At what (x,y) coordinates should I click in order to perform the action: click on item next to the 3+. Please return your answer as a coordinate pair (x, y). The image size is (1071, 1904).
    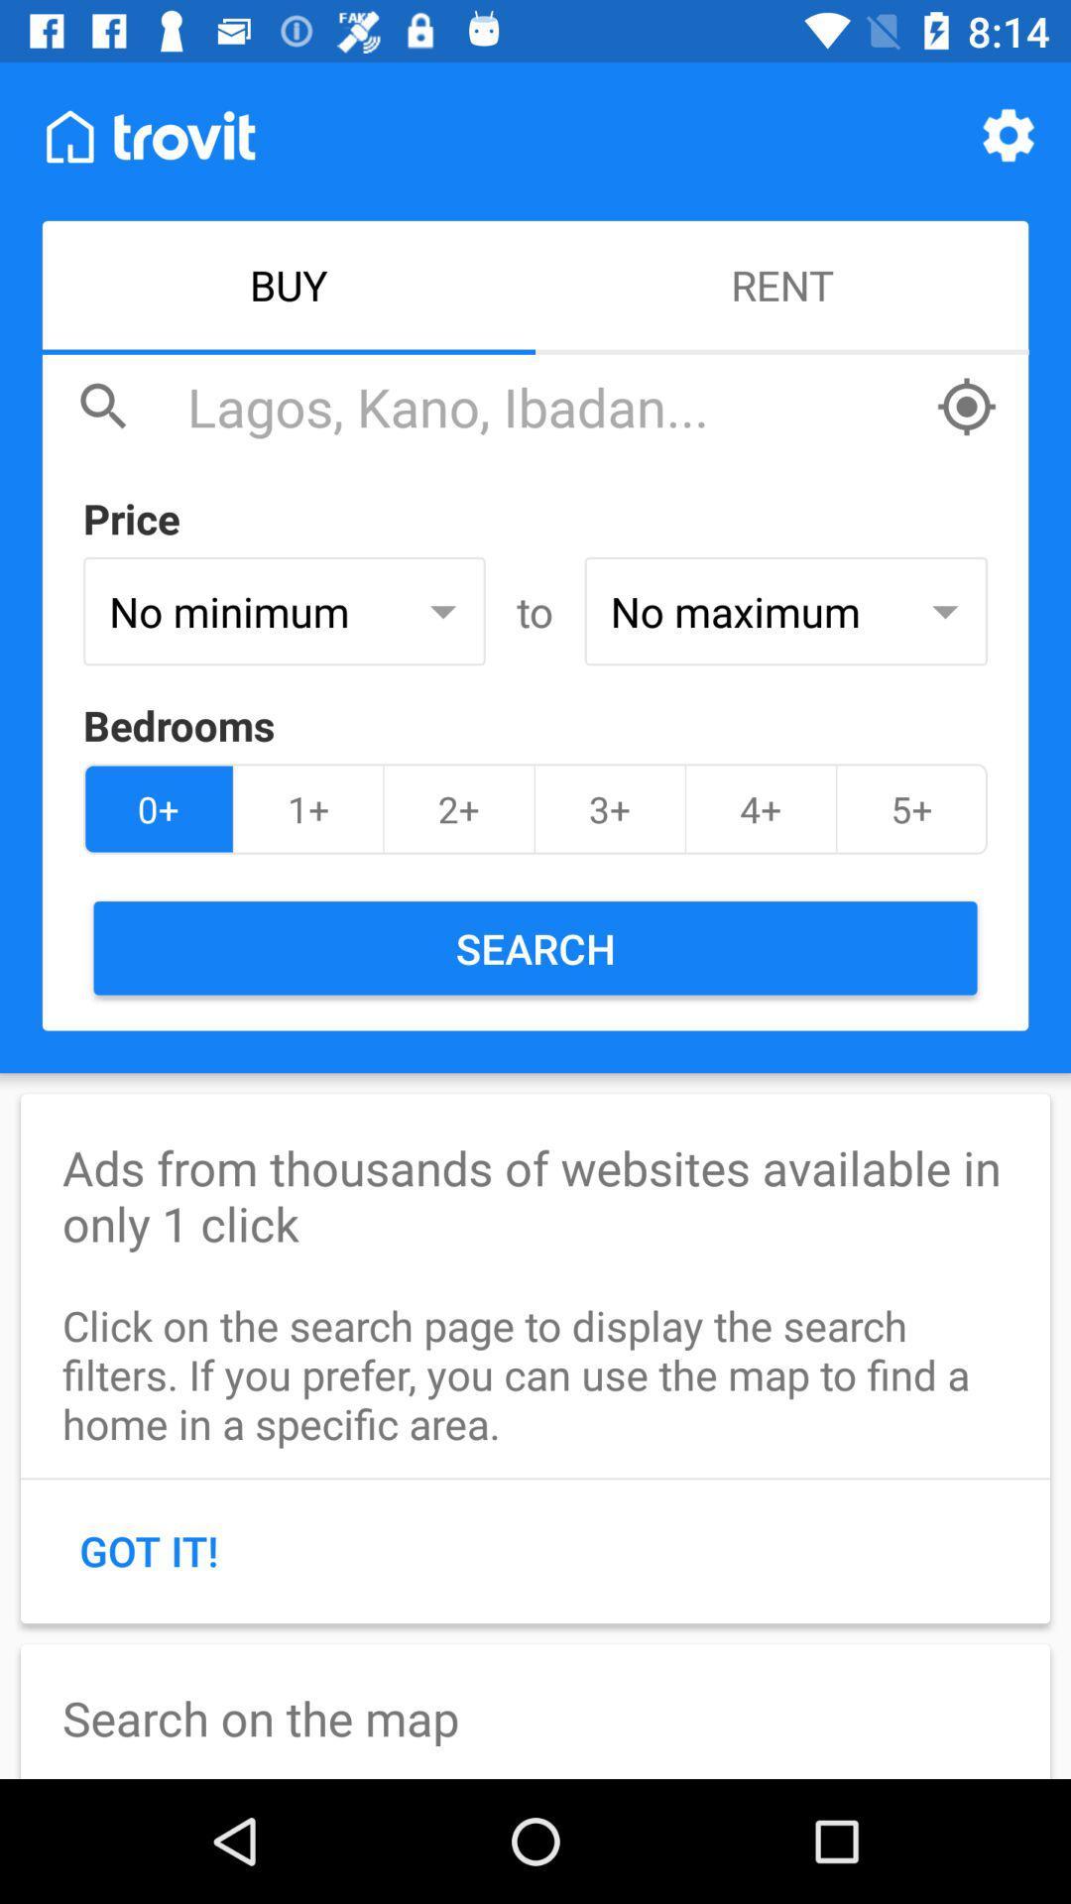
    Looking at the image, I should click on (459, 809).